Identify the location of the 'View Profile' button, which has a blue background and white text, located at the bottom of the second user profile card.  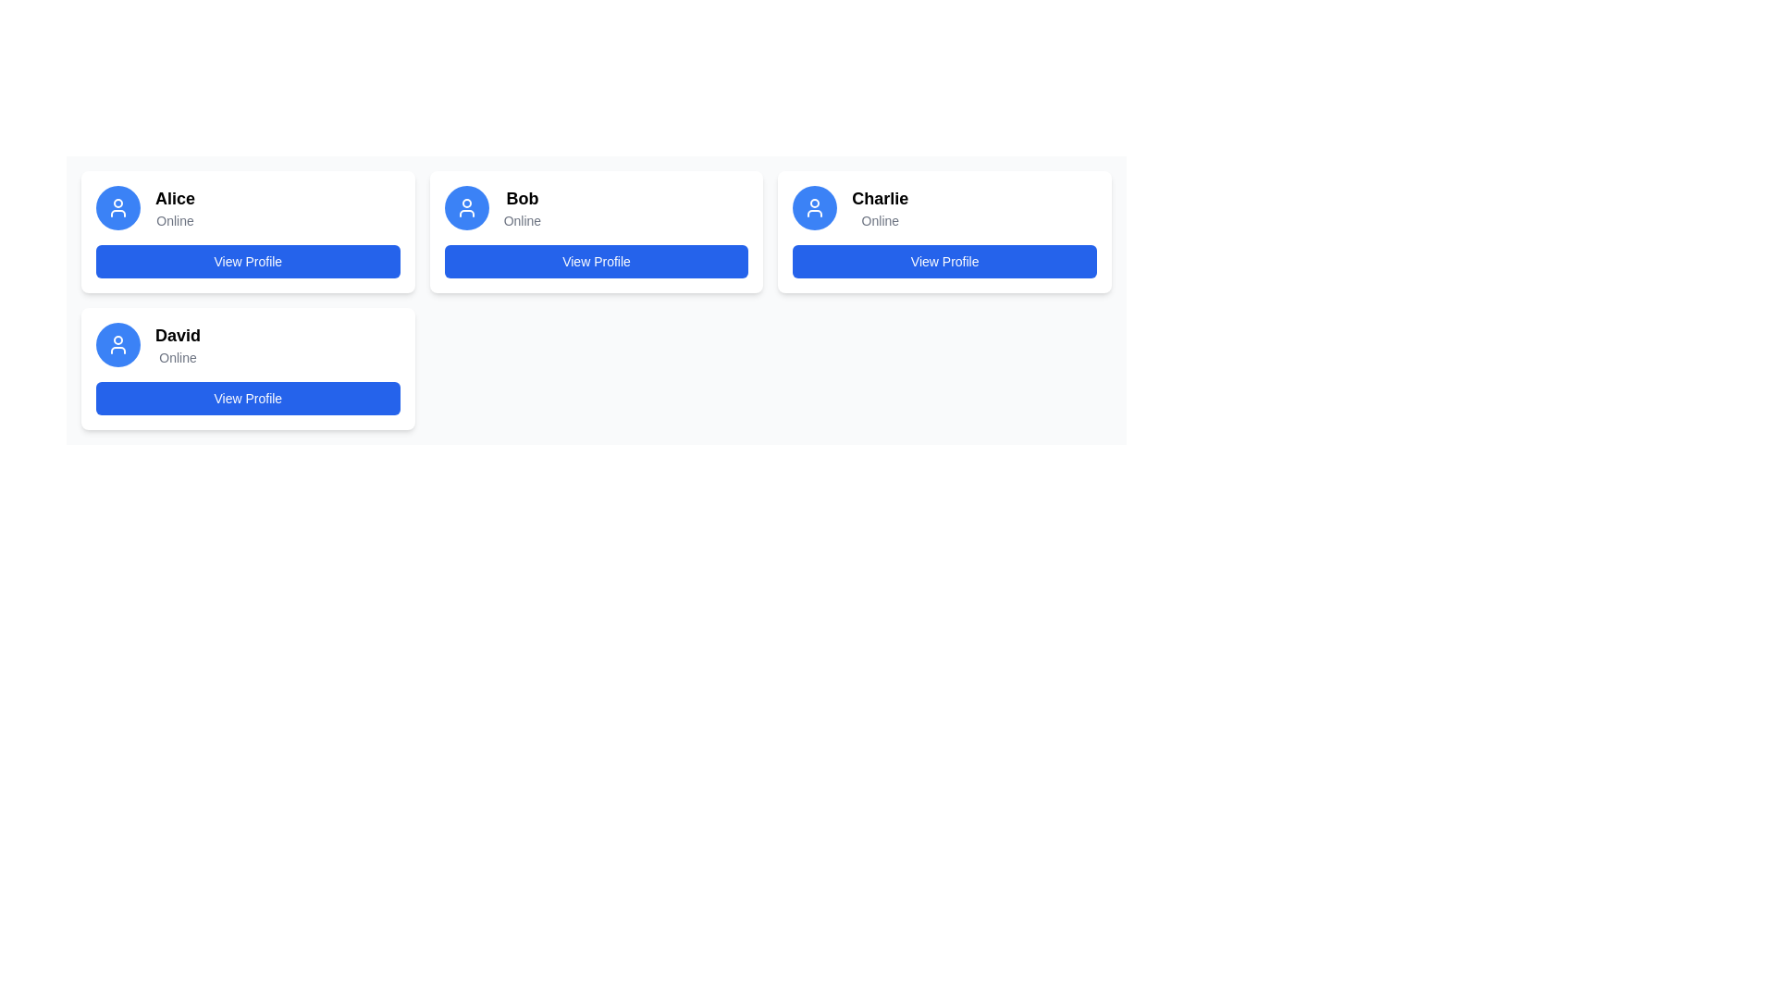
(596, 261).